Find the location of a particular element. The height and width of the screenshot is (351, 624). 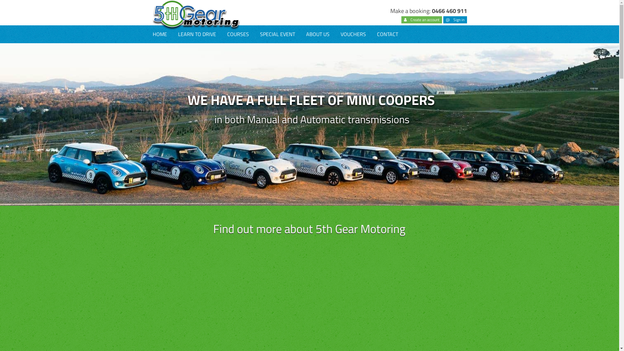

'0466 460 911' is located at coordinates (449, 11).